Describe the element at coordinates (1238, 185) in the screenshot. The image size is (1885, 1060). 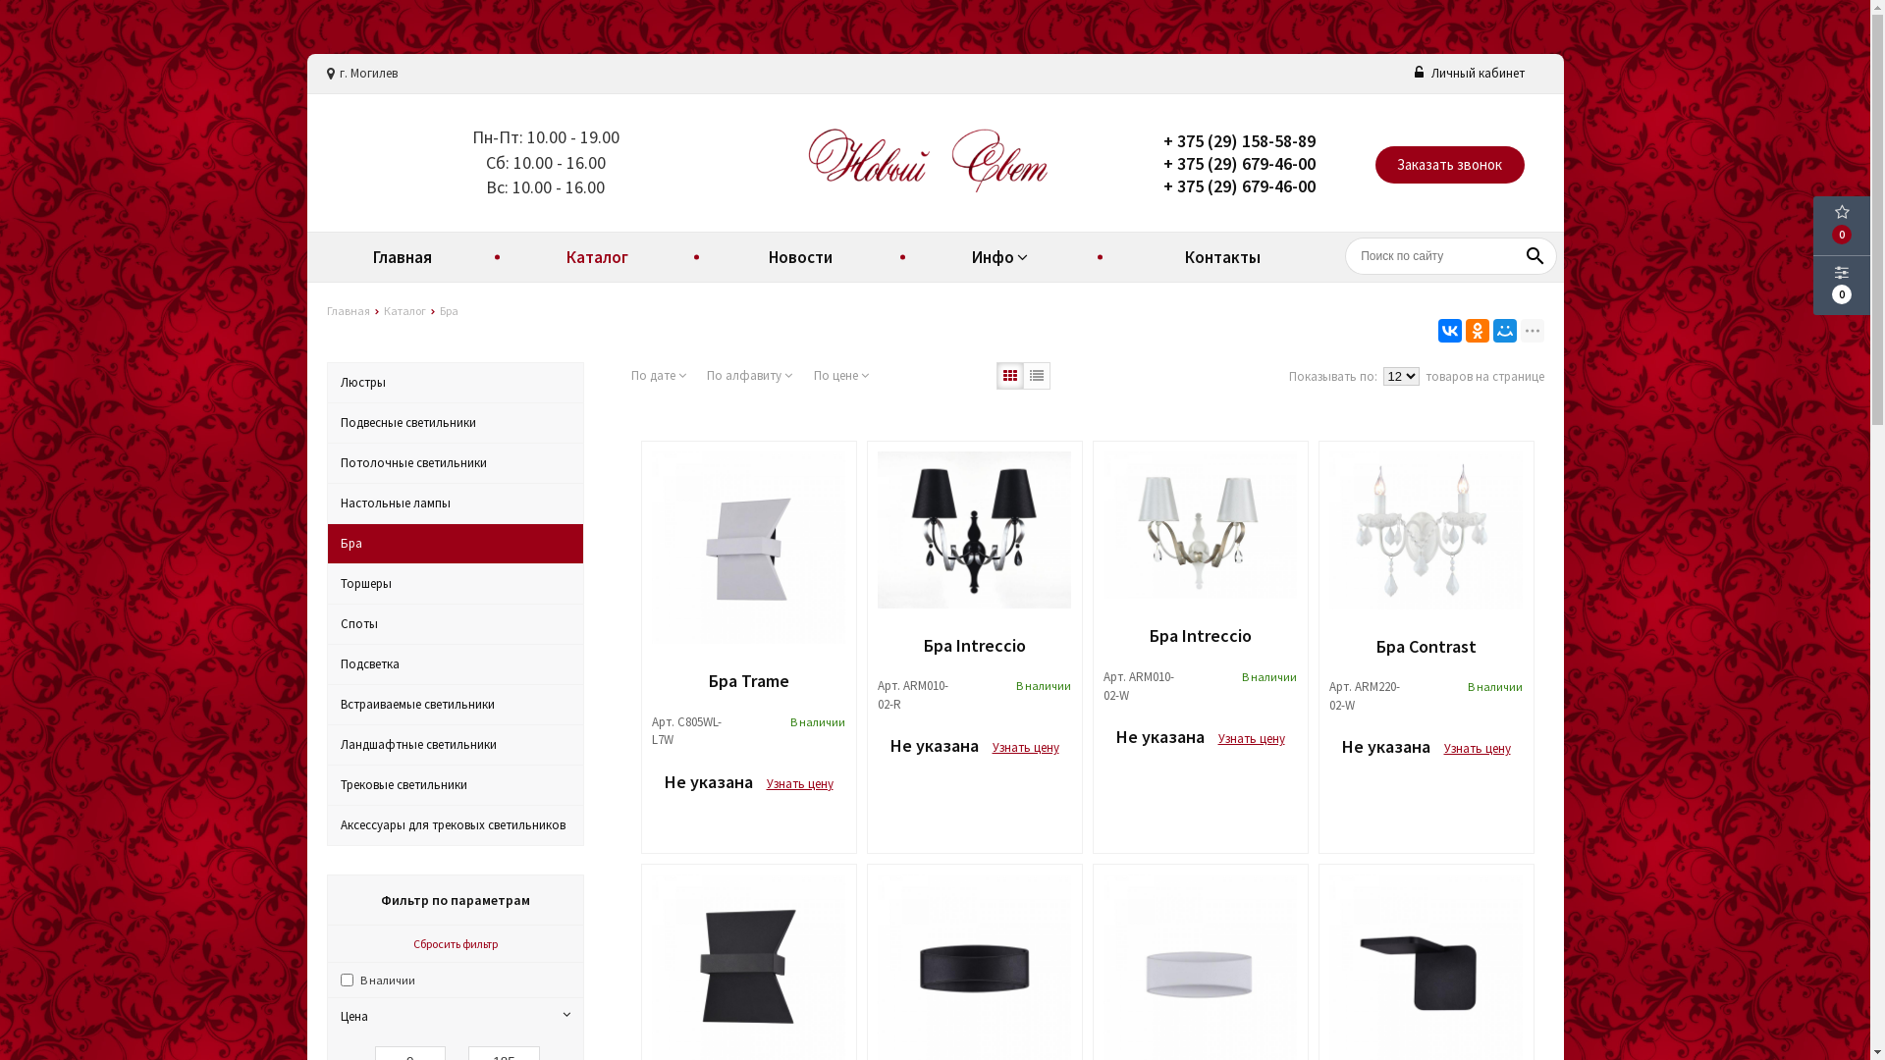
I see `'+ 375 (29) 679-46-00'` at that location.